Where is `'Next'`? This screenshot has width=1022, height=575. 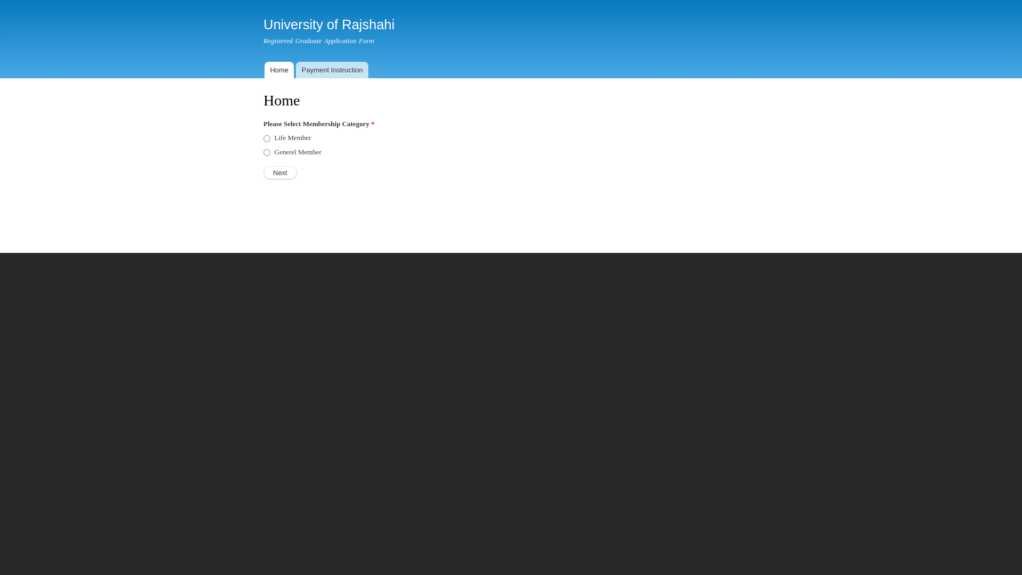
'Next' is located at coordinates (263, 172).